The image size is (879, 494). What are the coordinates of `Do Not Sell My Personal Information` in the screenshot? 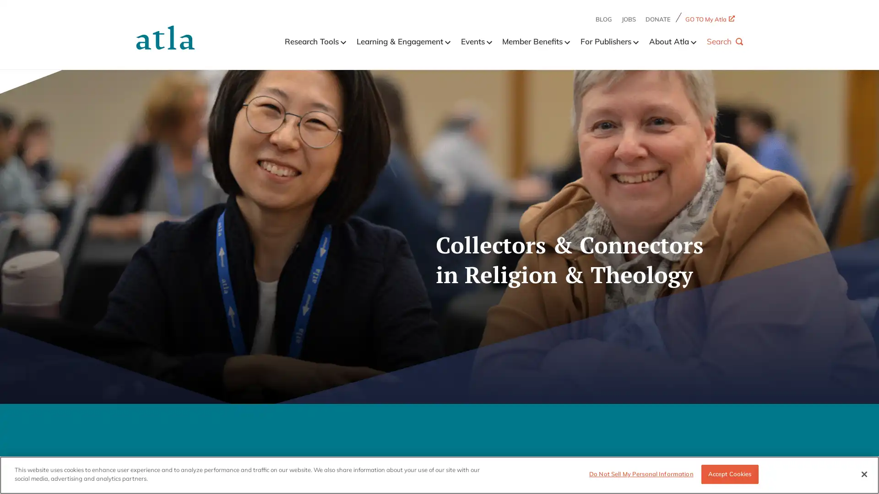 It's located at (640, 473).